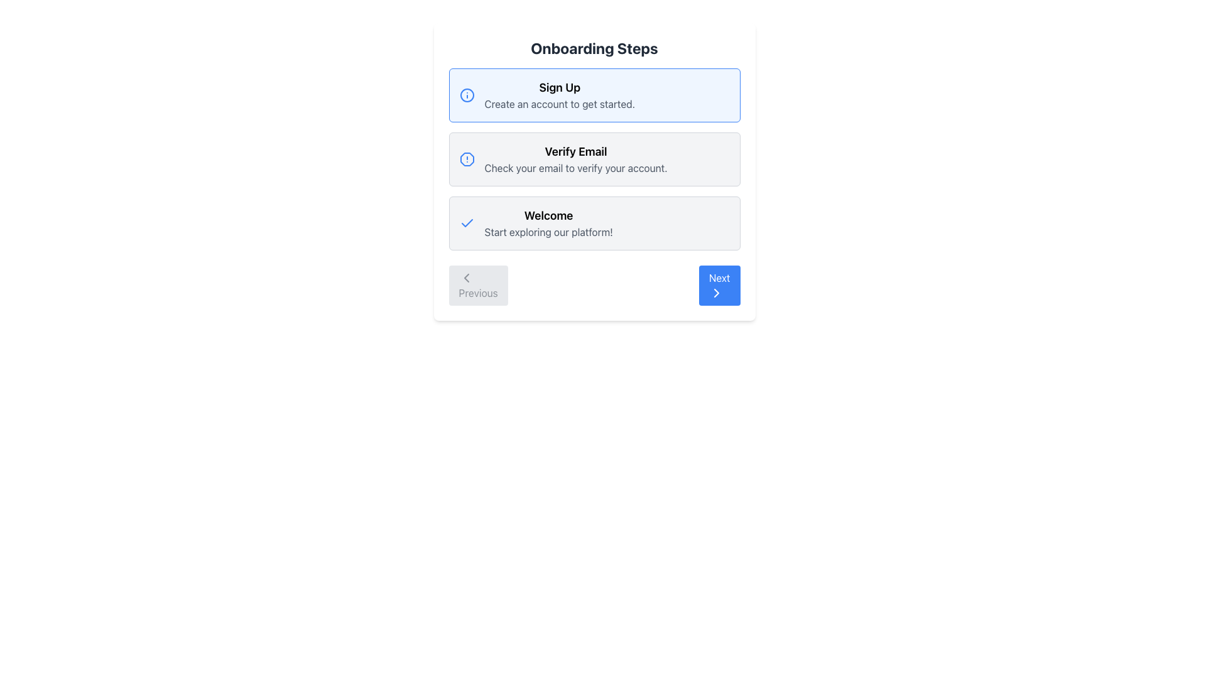  Describe the element at coordinates (559, 87) in the screenshot. I see `the Text Label that serves as the title for the onboarding step, positioned above the text 'Create an account to get started.'` at that location.